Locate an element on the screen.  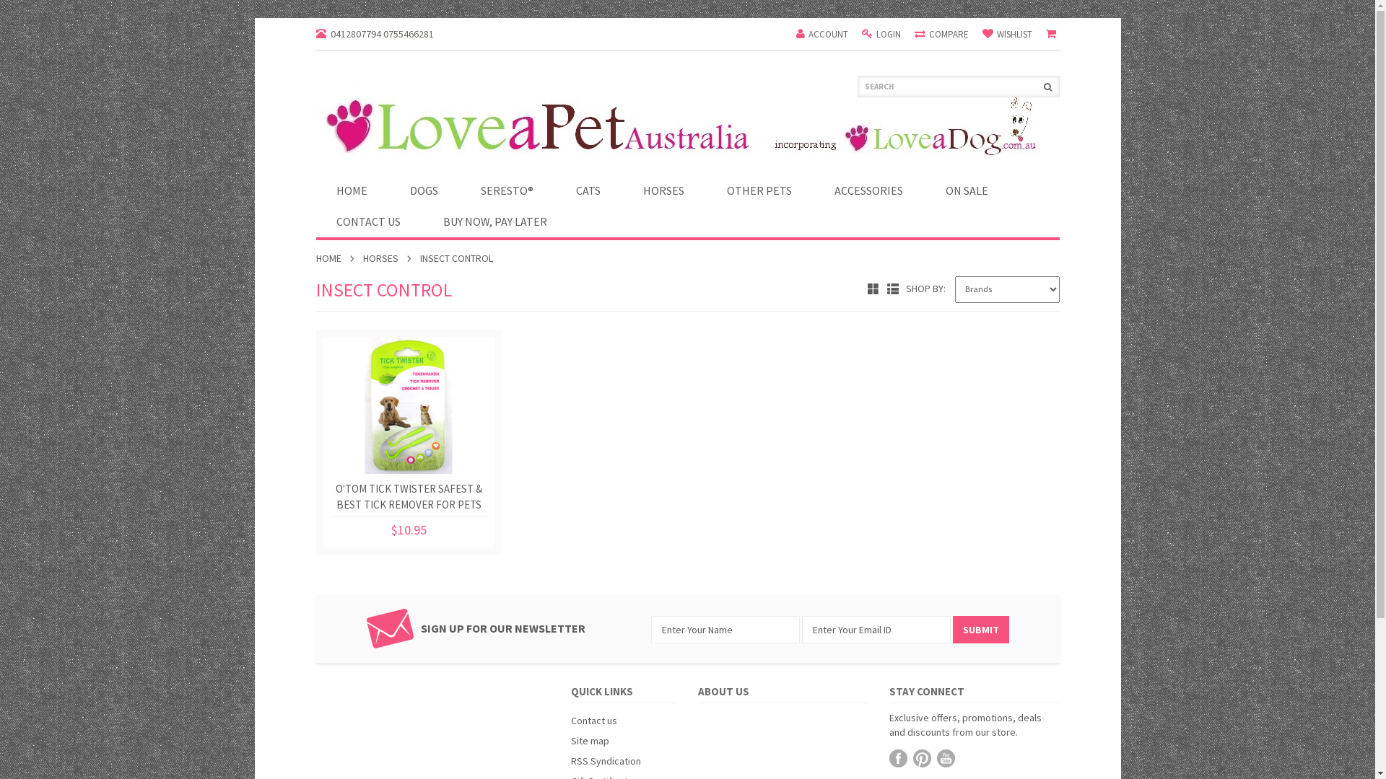
'RSS Syndication' is located at coordinates (606, 760).